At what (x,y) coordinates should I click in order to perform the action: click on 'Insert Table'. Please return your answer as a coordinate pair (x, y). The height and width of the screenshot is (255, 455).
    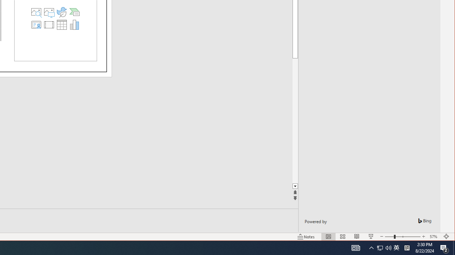
    Looking at the image, I should click on (61, 24).